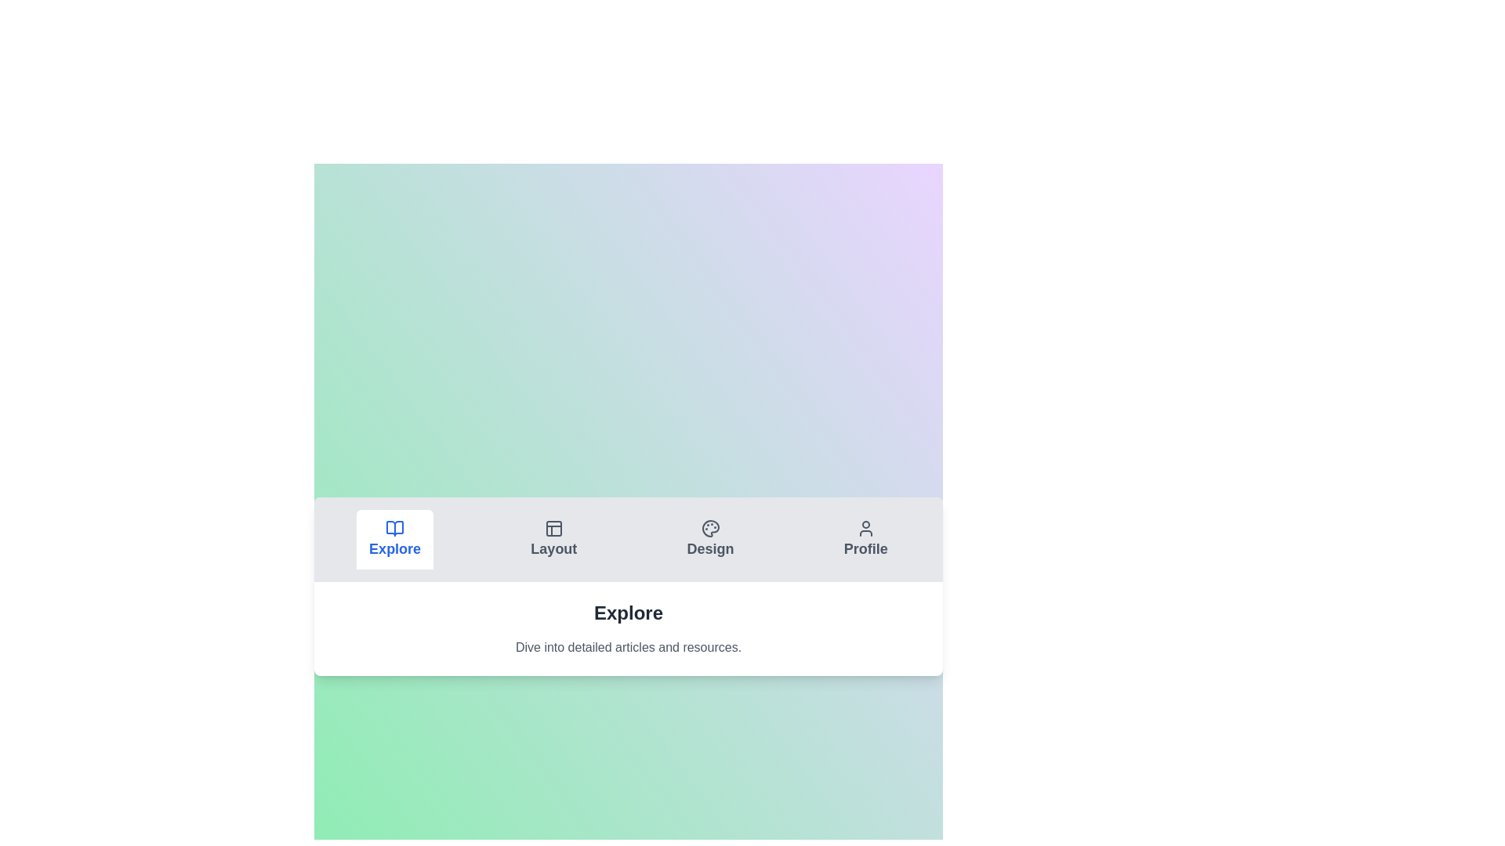 This screenshot has width=1505, height=846. I want to click on the Explore tab by clicking on it, so click(395, 539).